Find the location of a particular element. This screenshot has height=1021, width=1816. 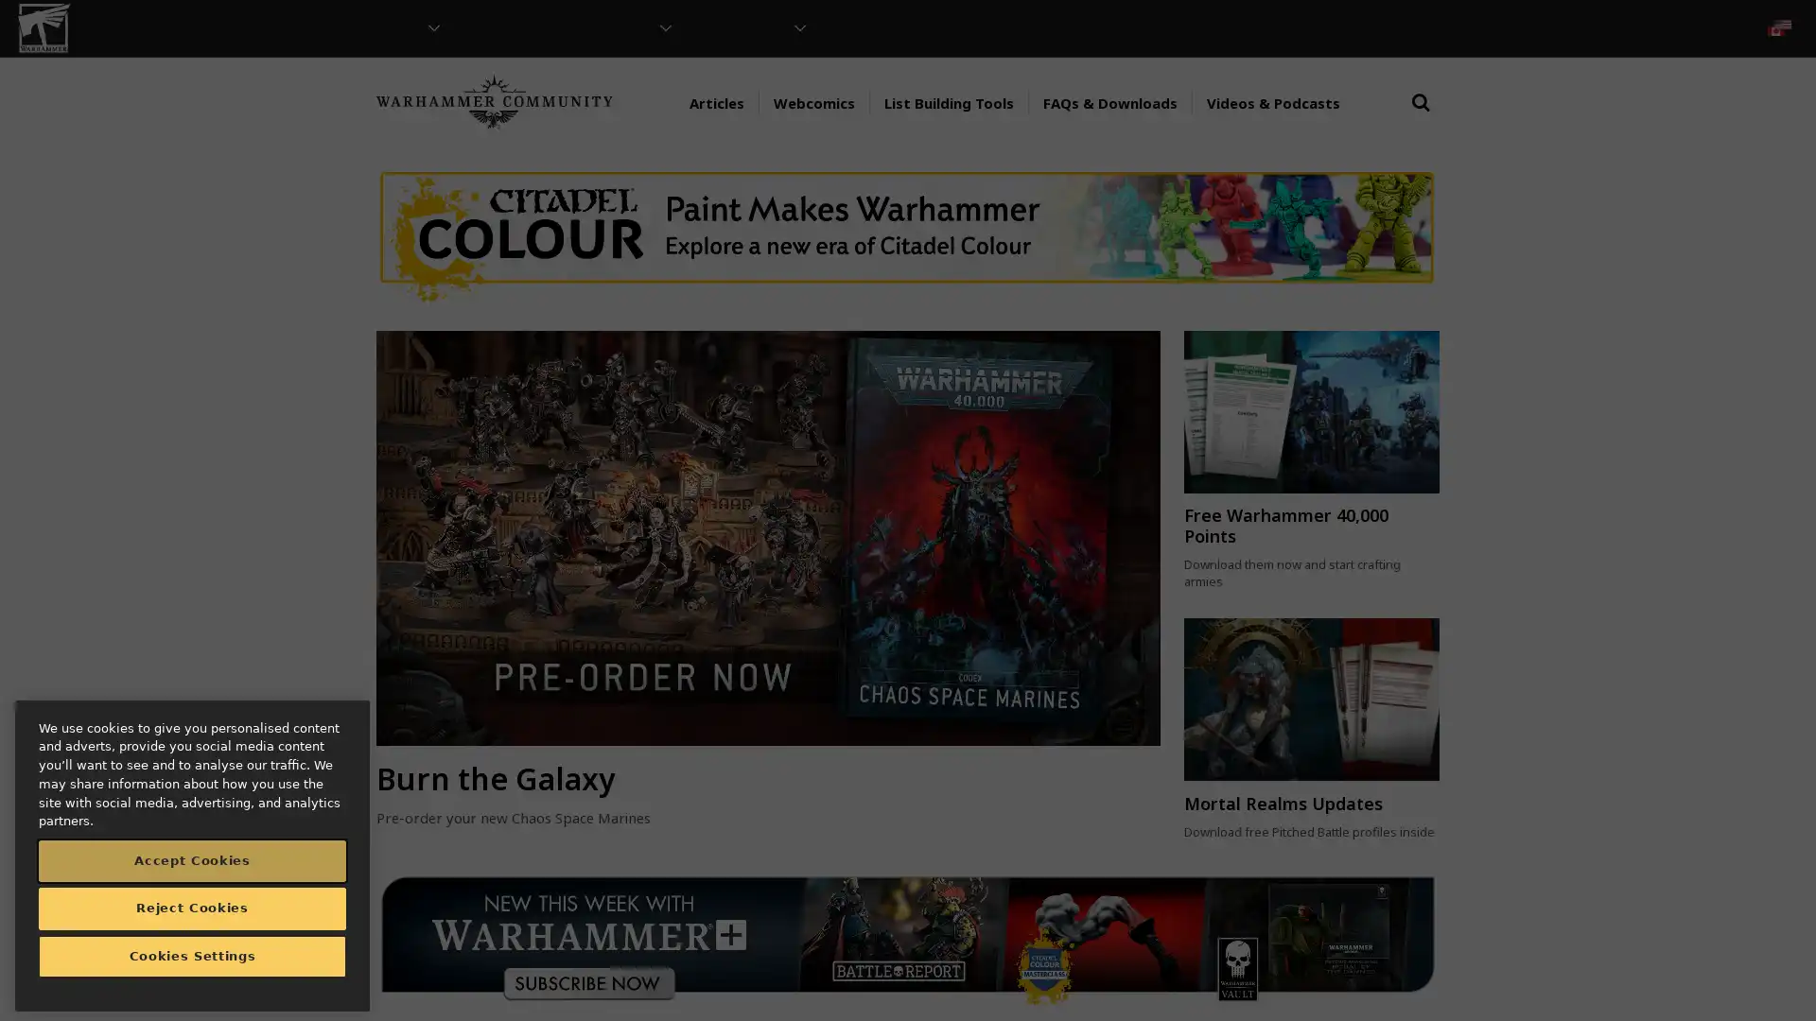

Reject Cookies is located at coordinates (192, 907).